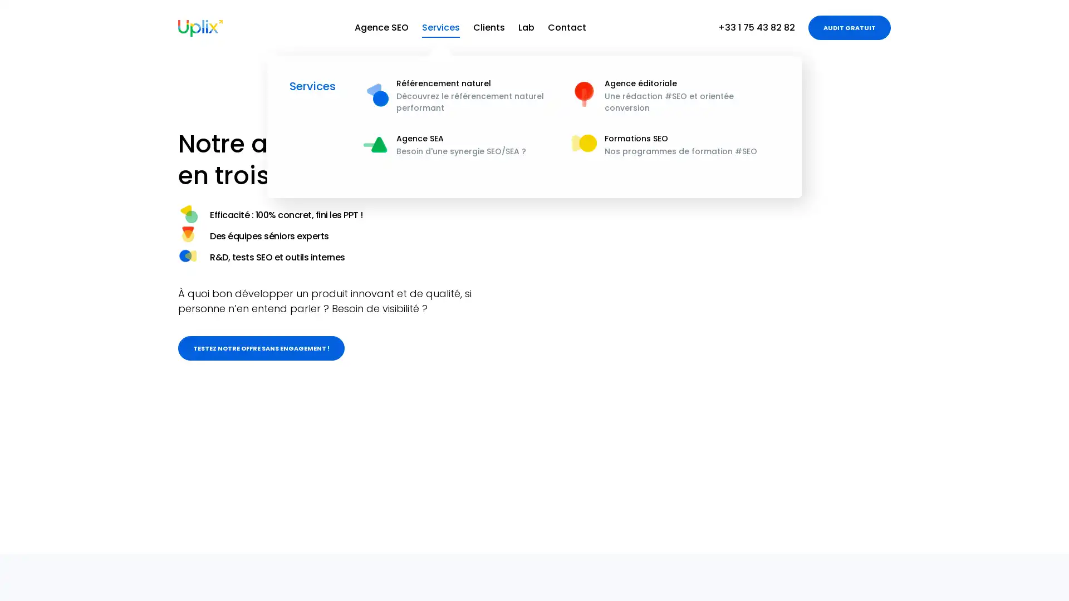 This screenshot has height=601, width=1069. I want to click on Je choisis, so click(940, 544).